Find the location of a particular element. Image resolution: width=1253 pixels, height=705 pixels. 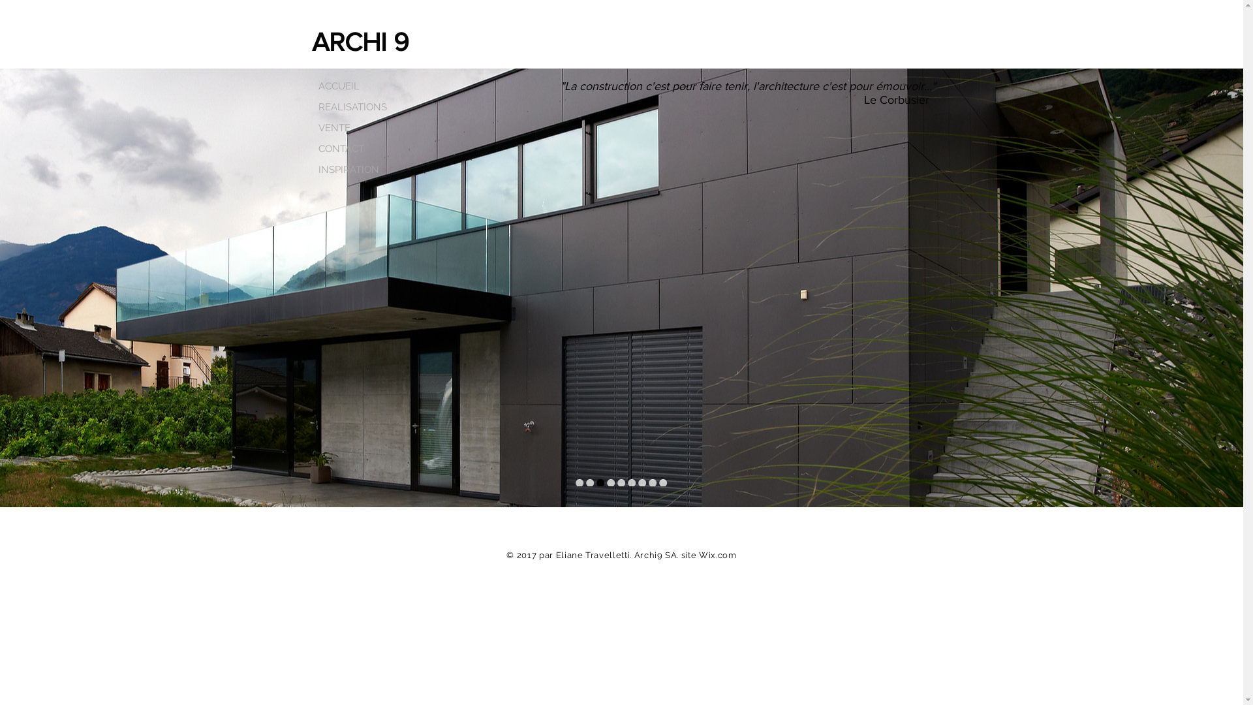

'REALISATIONS' is located at coordinates (352, 106).